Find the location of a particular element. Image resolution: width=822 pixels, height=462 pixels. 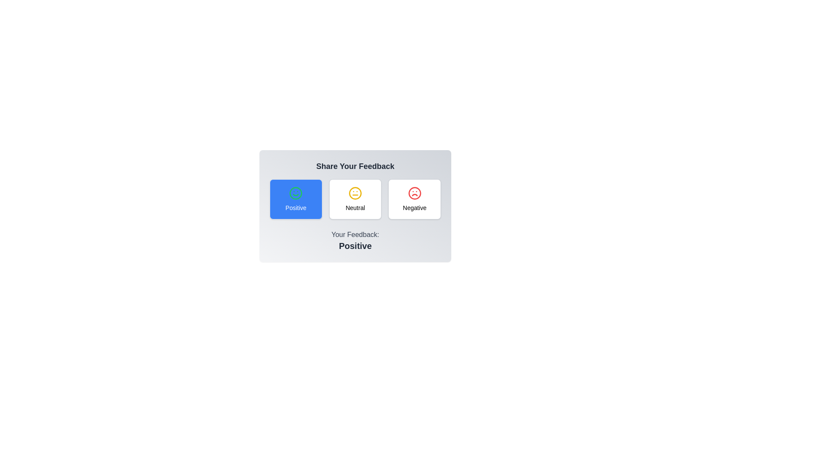

the feedback option Negative is located at coordinates (415, 199).